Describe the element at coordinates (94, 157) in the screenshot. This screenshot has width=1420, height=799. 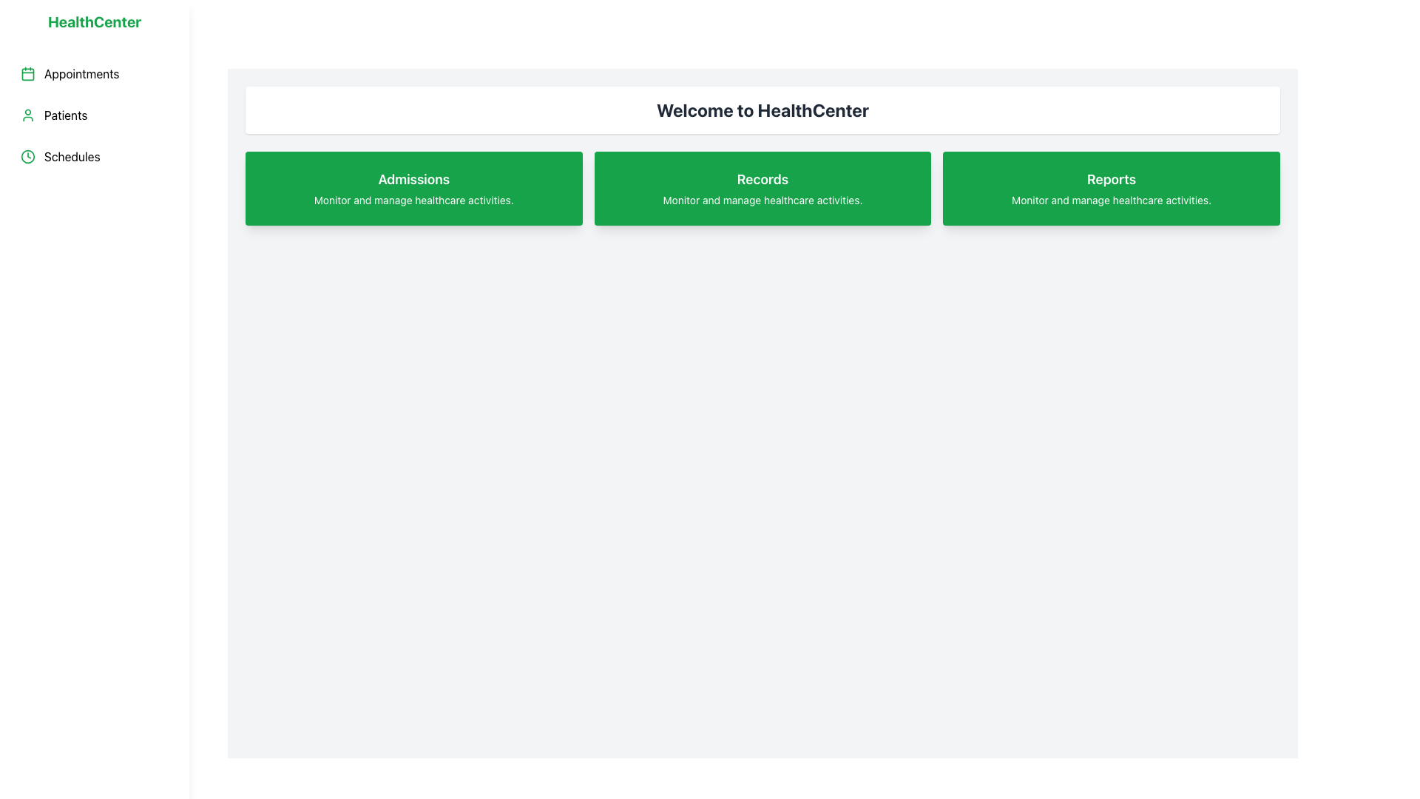
I see `the 'Schedules' navigation button in the left sidebar` at that location.